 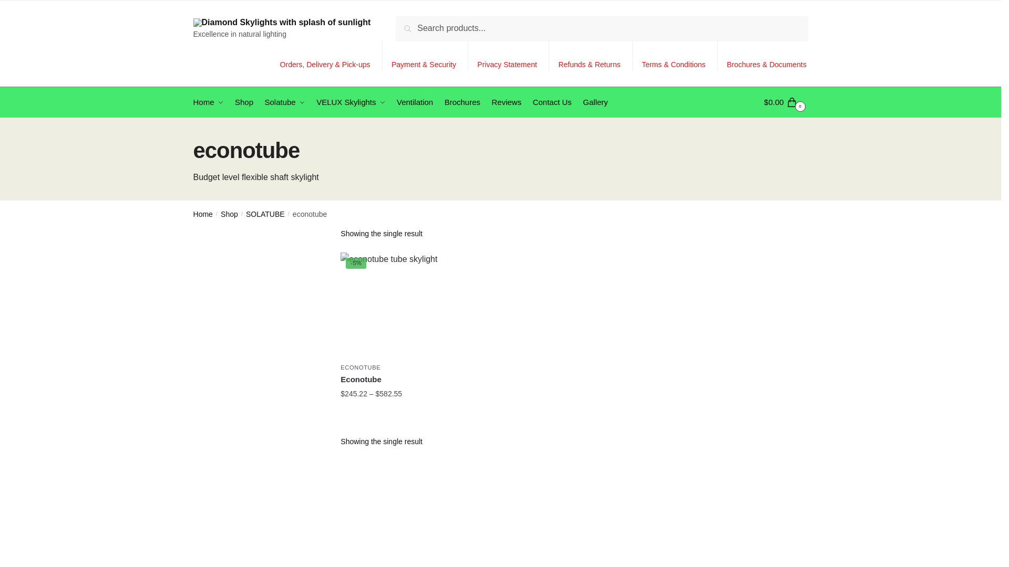 What do you see at coordinates (506, 102) in the screenshot?
I see `'Reviews'` at bounding box center [506, 102].